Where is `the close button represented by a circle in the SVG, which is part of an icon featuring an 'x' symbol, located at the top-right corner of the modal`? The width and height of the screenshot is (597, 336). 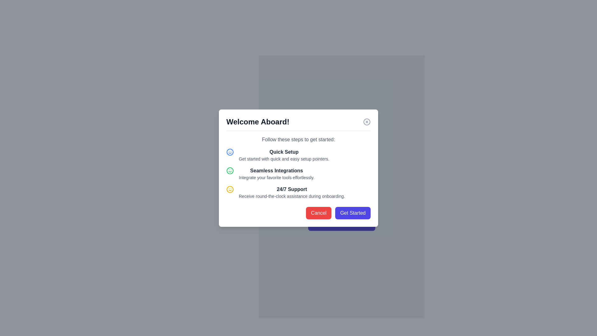
the close button represented by a circle in the SVG, which is part of an icon featuring an 'x' symbol, located at the top-right corner of the modal is located at coordinates (367, 122).